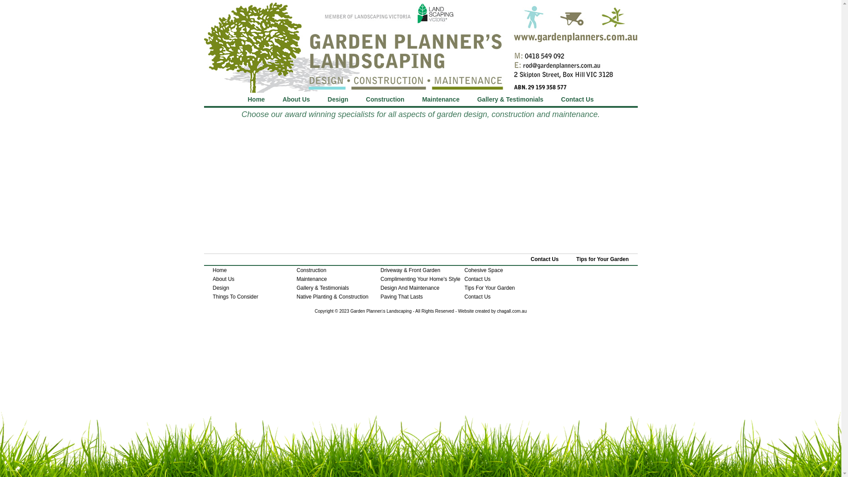 This screenshot has width=848, height=477. I want to click on 'Design', so click(337, 99).